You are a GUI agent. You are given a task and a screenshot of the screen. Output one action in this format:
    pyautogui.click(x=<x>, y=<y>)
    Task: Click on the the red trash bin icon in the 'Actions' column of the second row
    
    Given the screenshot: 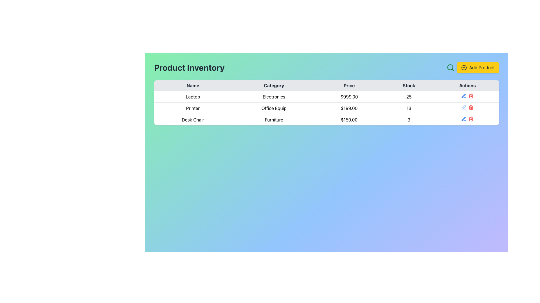 What is the action you would take?
    pyautogui.click(x=471, y=107)
    